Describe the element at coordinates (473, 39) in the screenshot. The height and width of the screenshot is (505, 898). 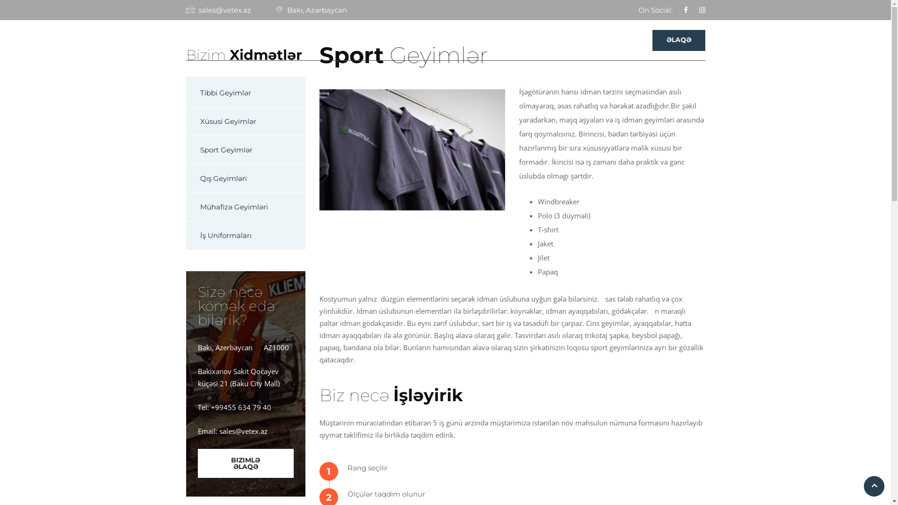
I see `'HAQQIMIZDA'` at that location.